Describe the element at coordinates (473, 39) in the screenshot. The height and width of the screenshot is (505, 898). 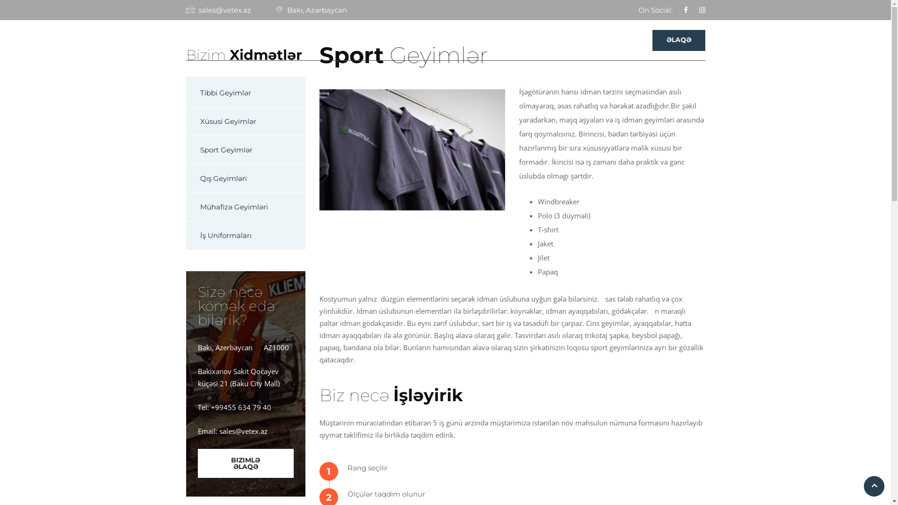
I see `'HAQQIMIZDA'` at that location.